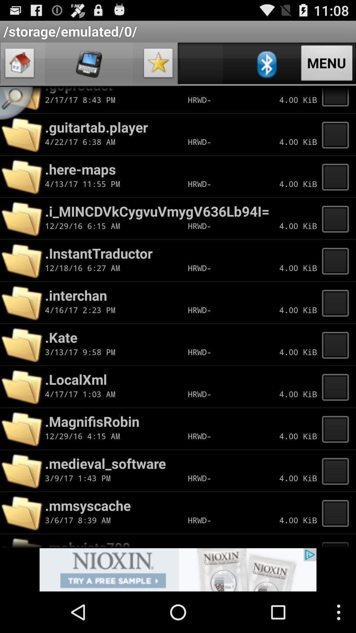  What do you see at coordinates (337, 541) in the screenshot?
I see `outline` at bounding box center [337, 541].